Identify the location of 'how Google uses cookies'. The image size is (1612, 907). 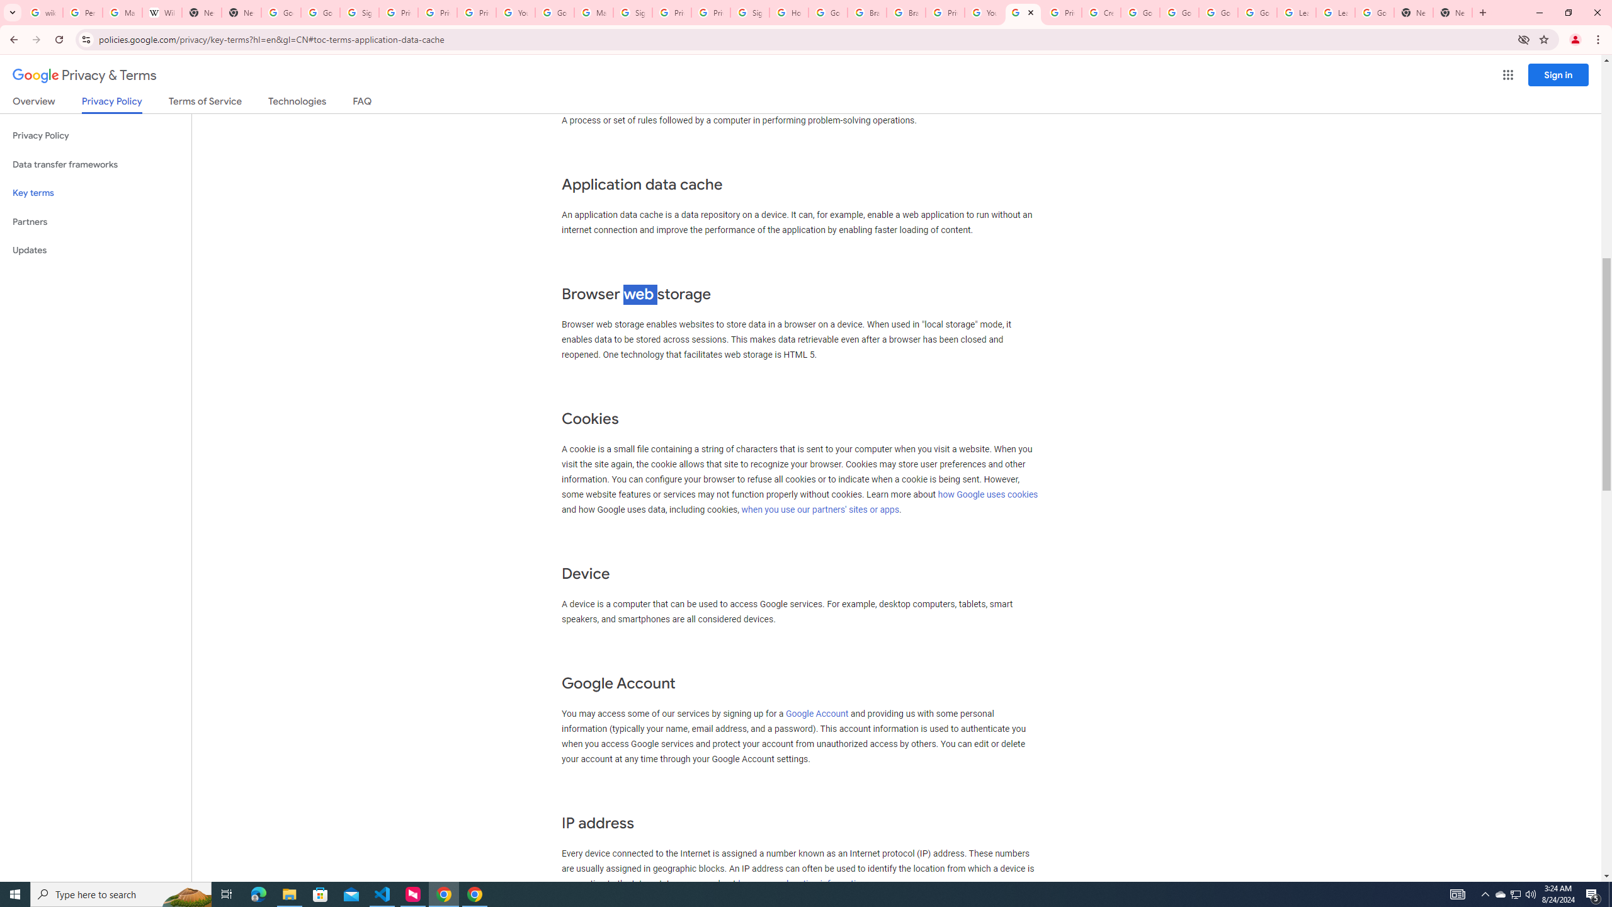
(988, 494).